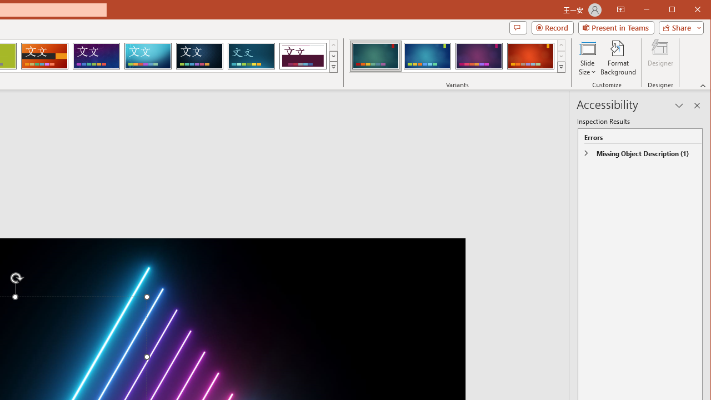 Image resolution: width=711 pixels, height=400 pixels. I want to click on 'Ion Variant 2', so click(427, 56).